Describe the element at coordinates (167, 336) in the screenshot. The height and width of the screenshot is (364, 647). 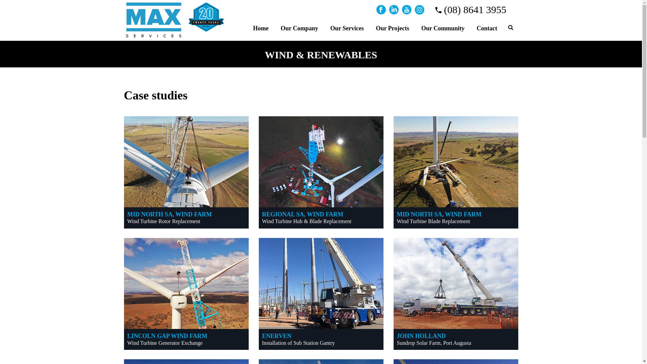
I see `'LINCOLN GAP WIND FARM'` at that location.